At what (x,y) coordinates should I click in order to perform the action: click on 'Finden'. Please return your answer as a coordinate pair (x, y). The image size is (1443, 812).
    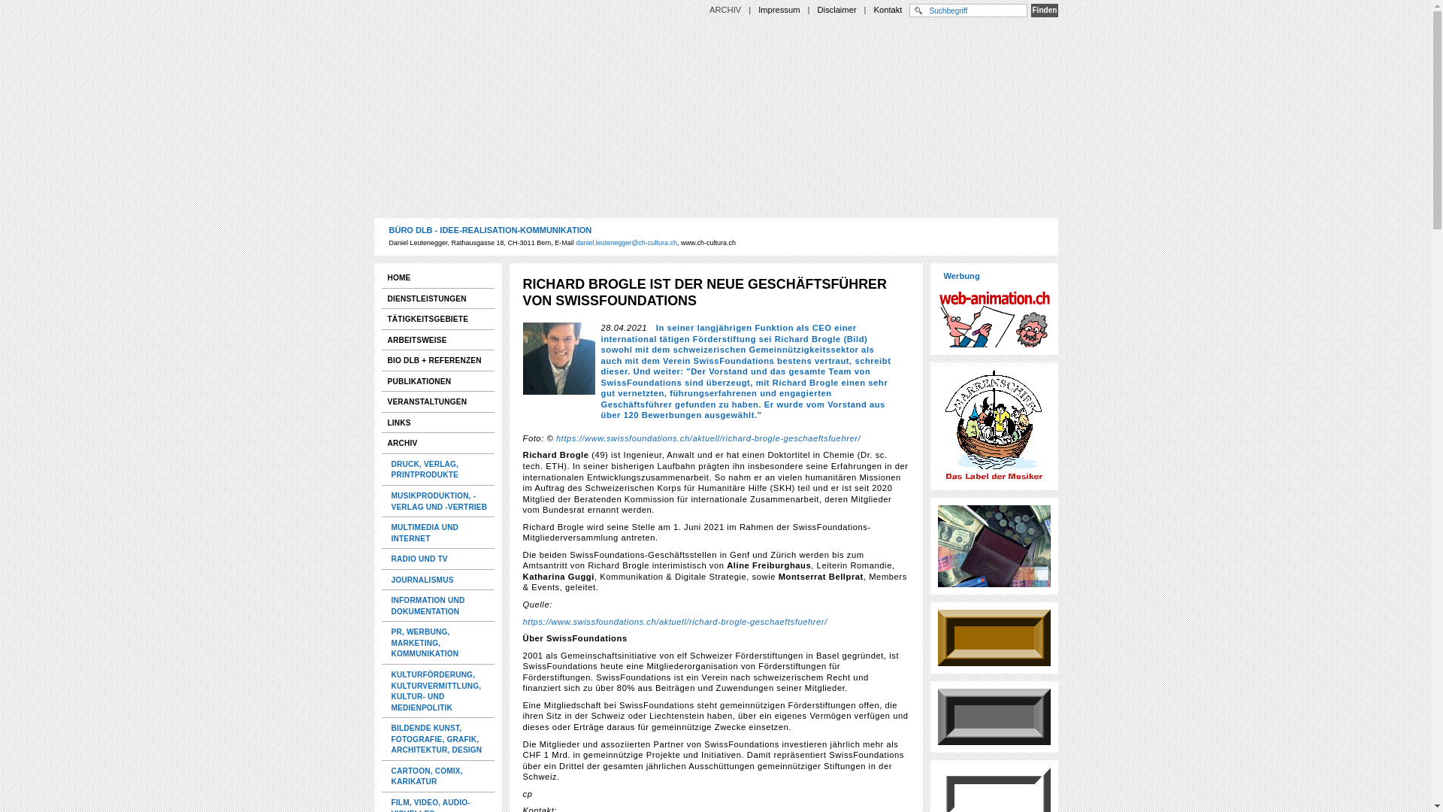
    Looking at the image, I should click on (1030, 11).